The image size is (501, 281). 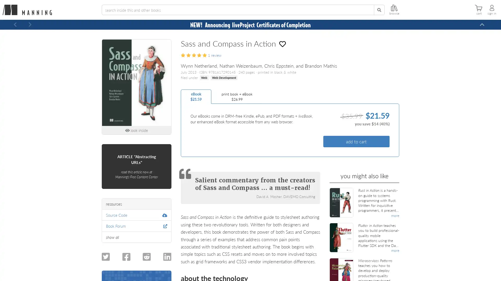 What do you see at coordinates (30, 25) in the screenshot?
I see `Next` at bounding box center [30, 25].